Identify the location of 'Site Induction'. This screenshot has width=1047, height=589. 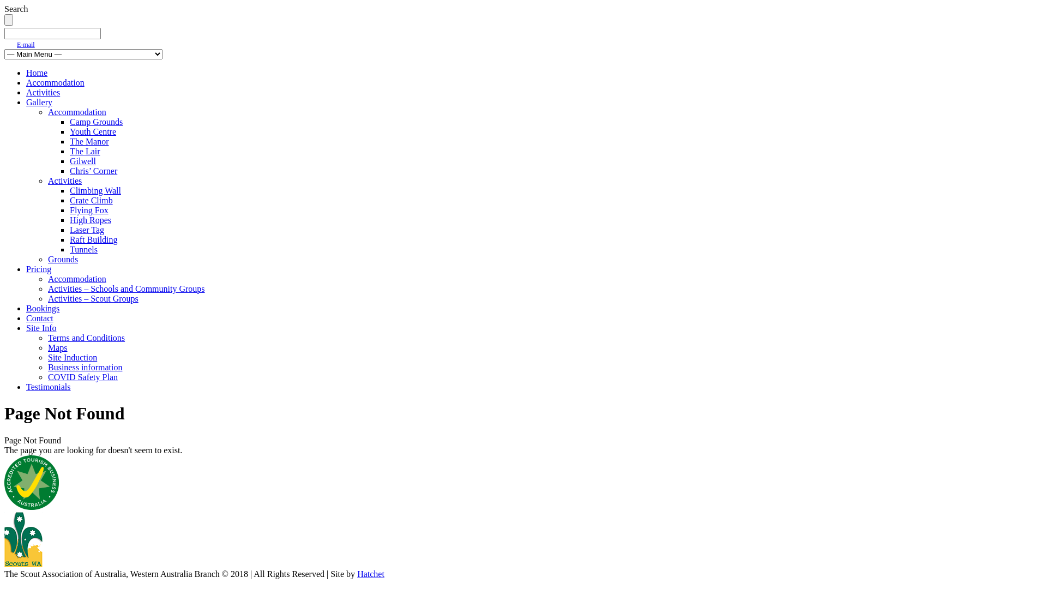
(72, 357).